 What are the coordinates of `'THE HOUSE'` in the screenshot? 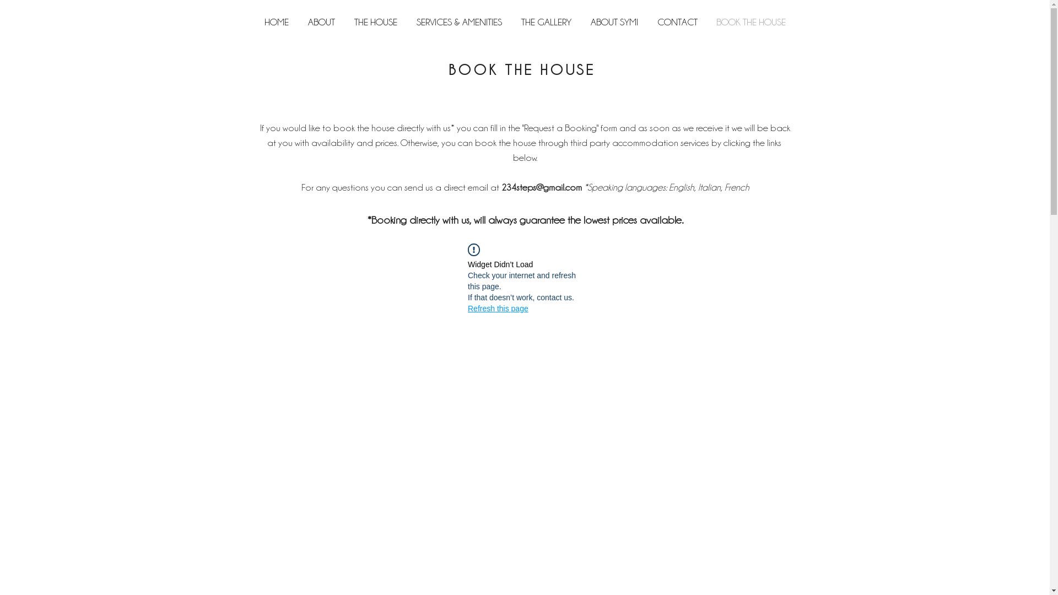 It's located at (344, 21).